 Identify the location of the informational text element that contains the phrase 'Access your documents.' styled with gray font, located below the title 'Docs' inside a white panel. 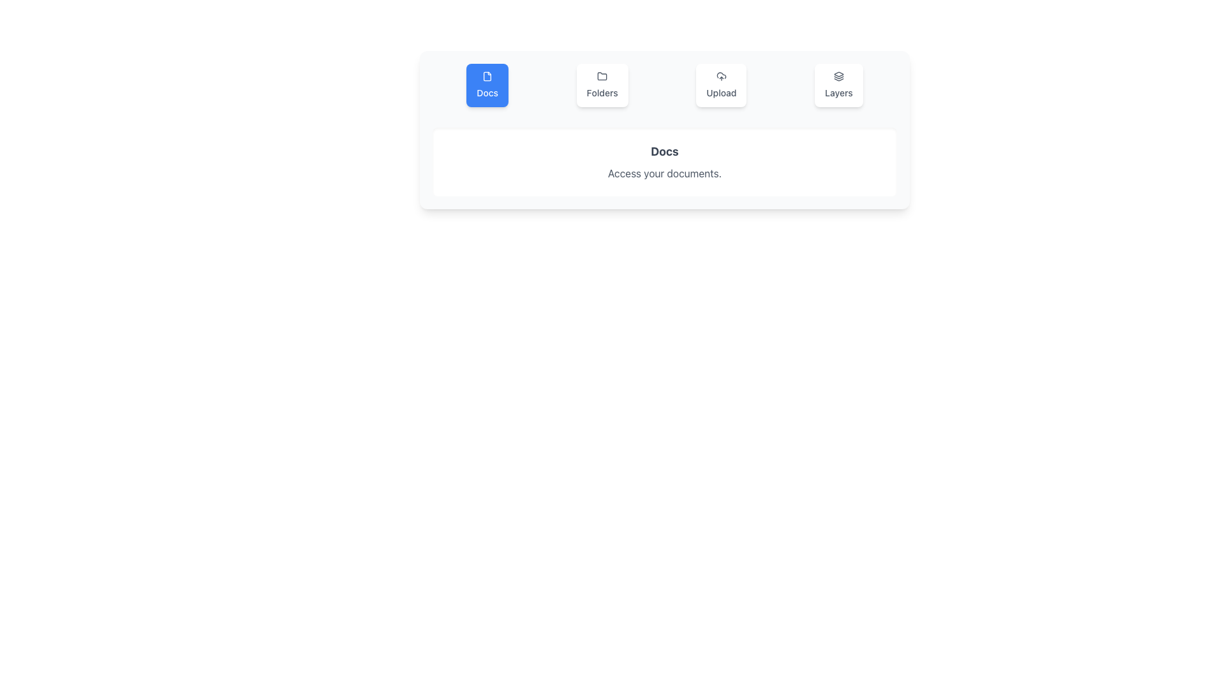
(664, 174).